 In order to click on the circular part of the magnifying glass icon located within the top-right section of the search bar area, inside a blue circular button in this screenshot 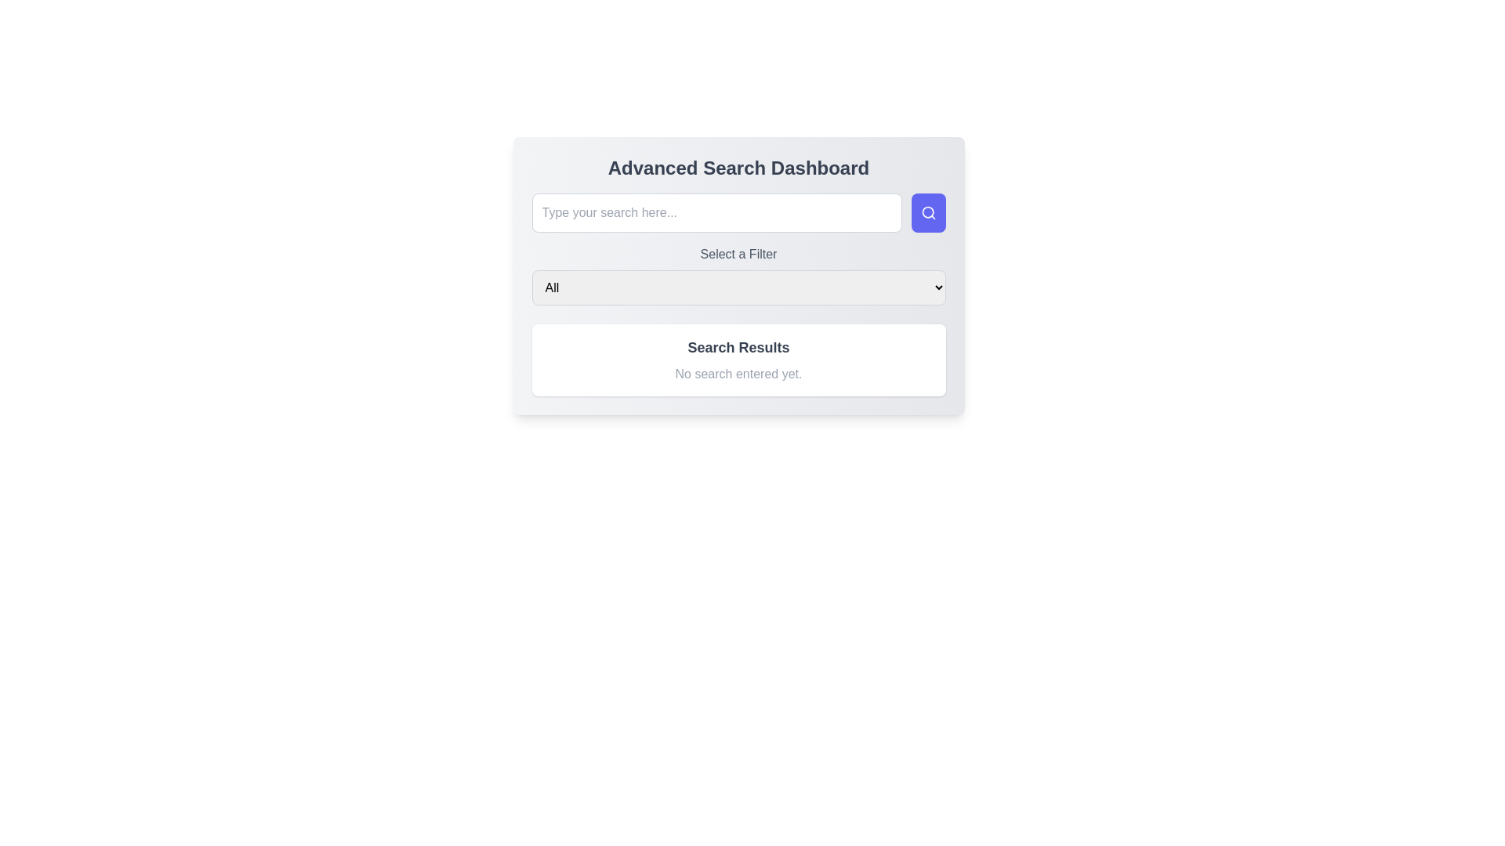, I will do `click(927, 212)`.